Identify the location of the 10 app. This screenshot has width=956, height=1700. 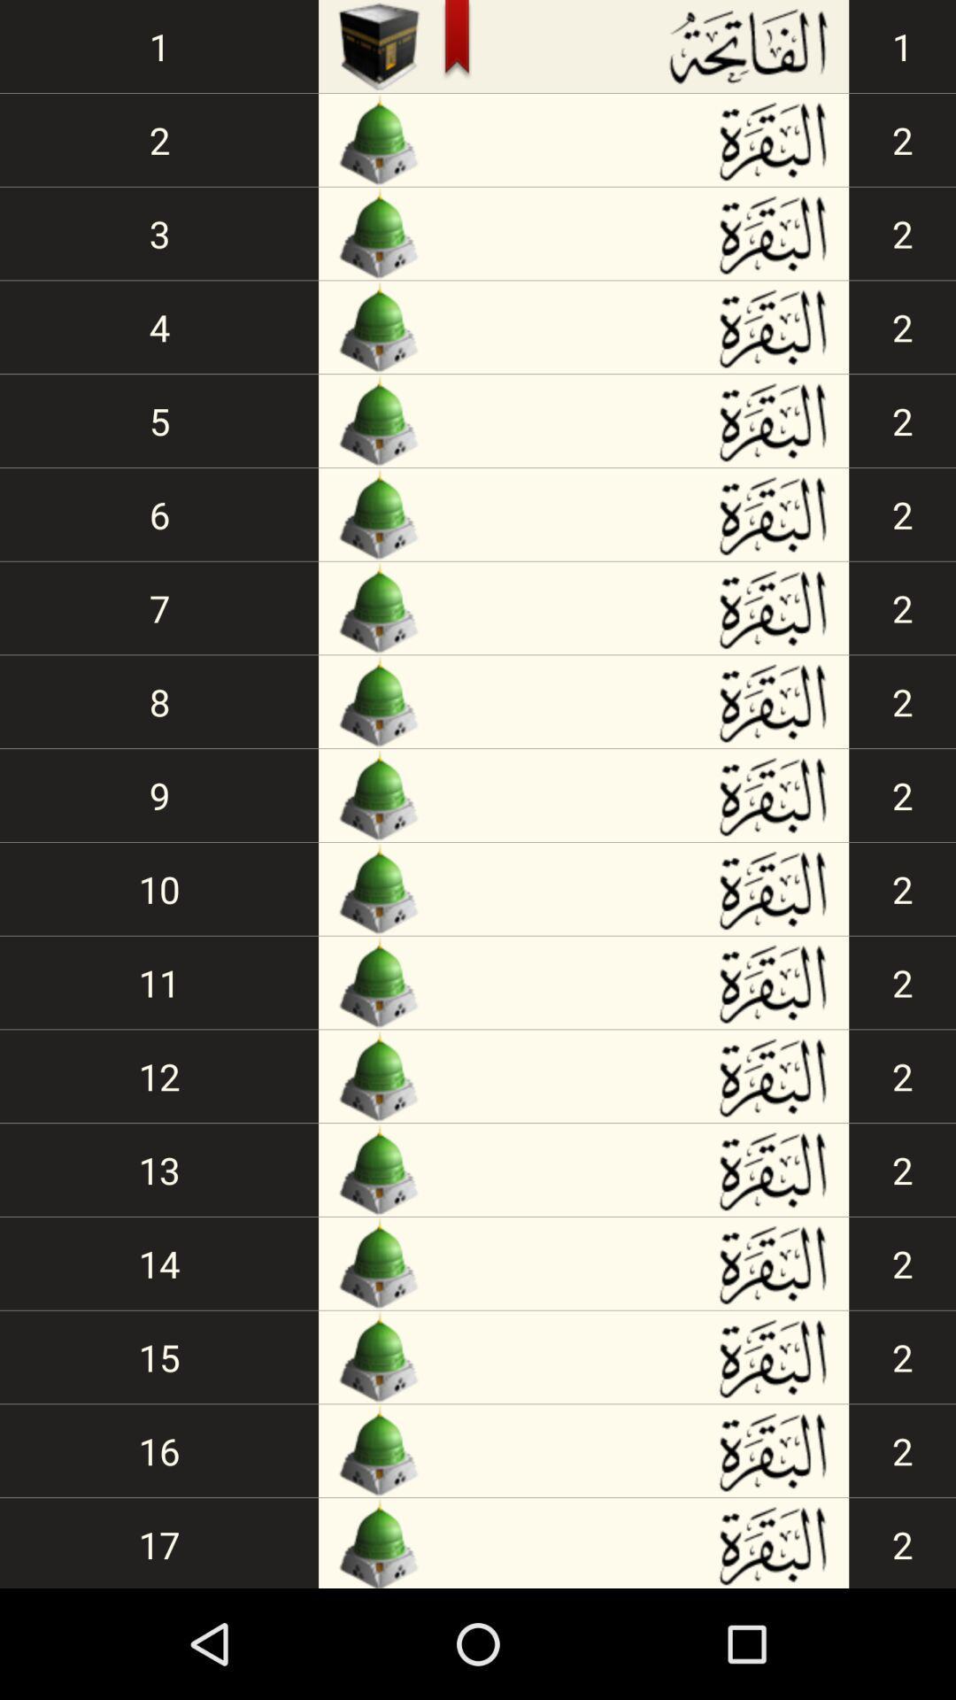
(159, 889).